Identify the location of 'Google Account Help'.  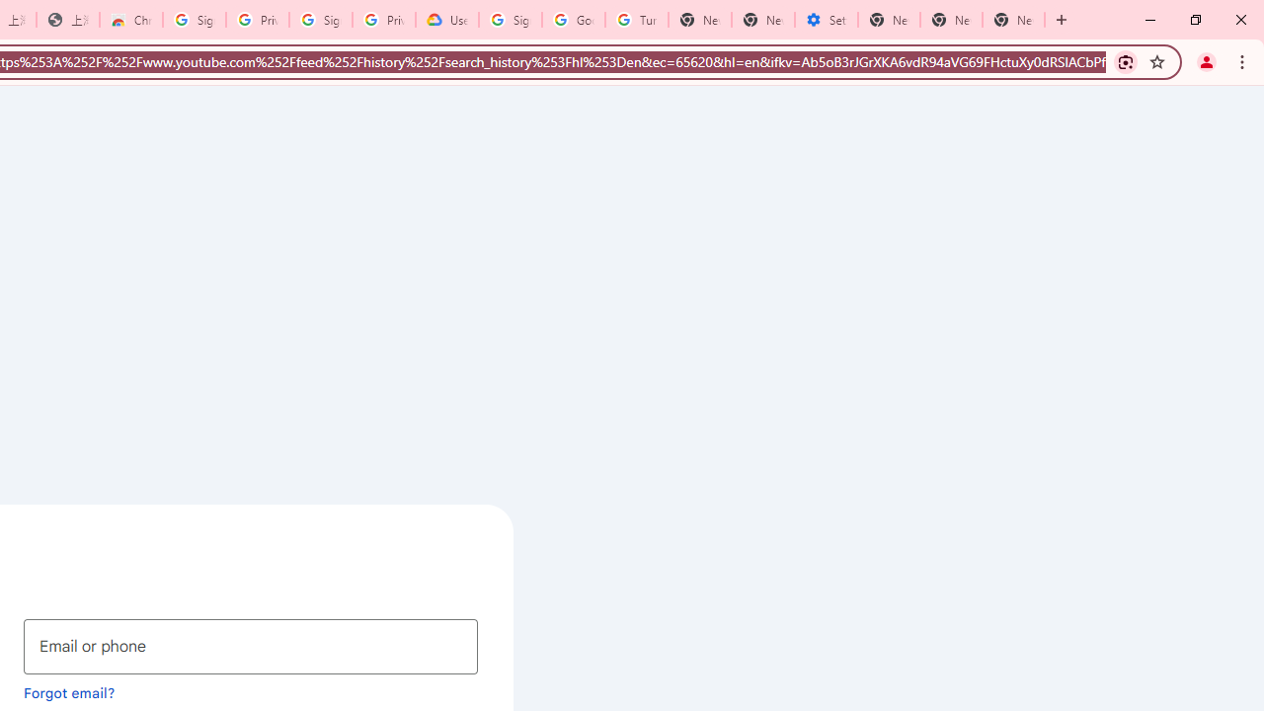
(573, 20).